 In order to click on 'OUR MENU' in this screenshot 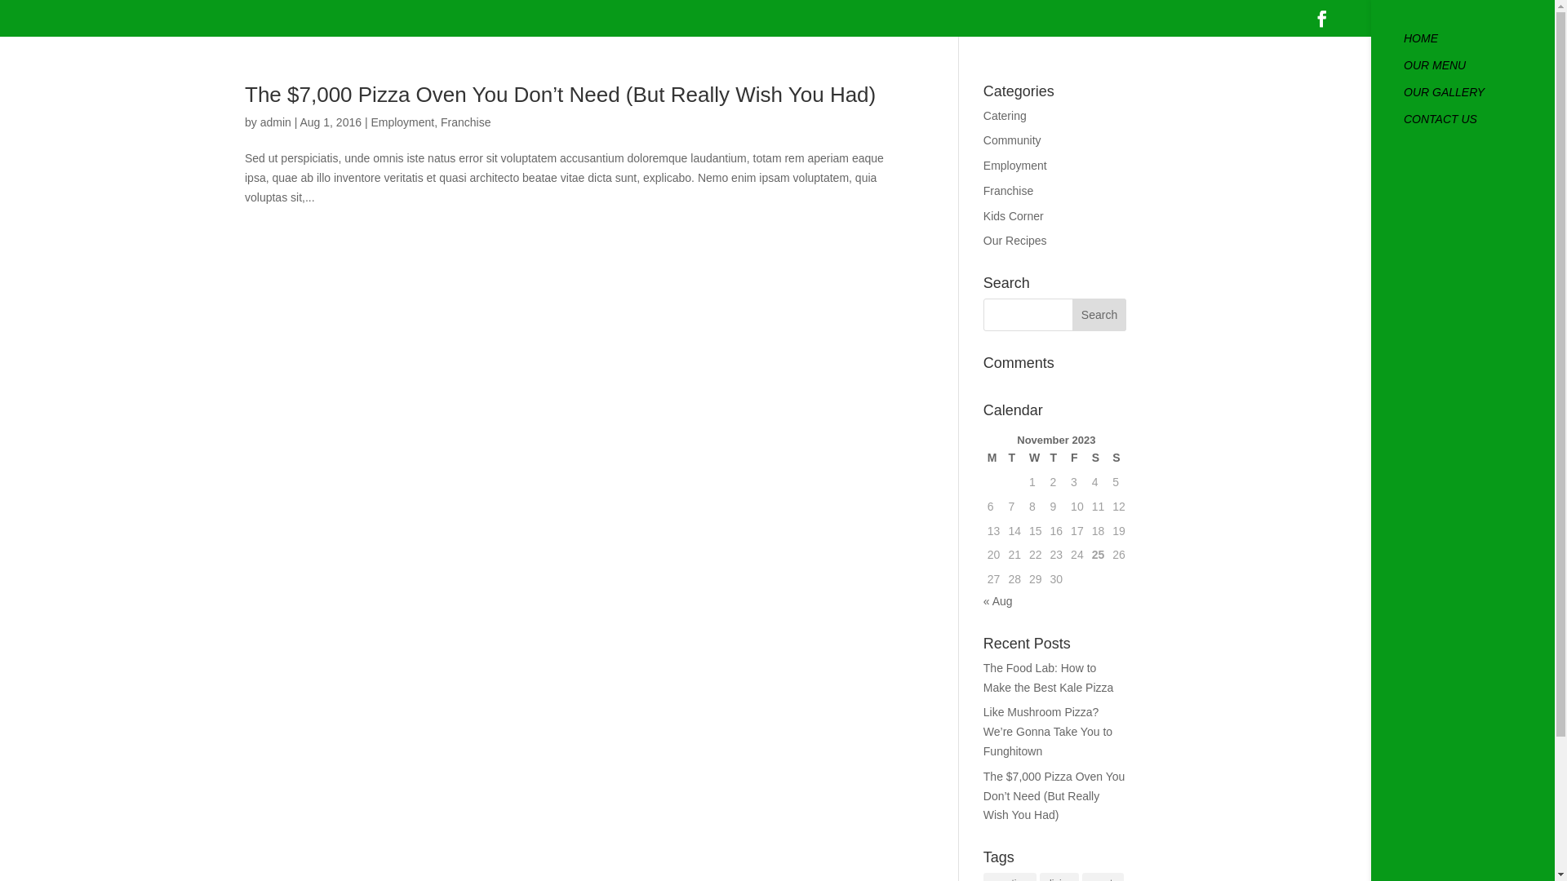, I will do `click(1479, 72)`.